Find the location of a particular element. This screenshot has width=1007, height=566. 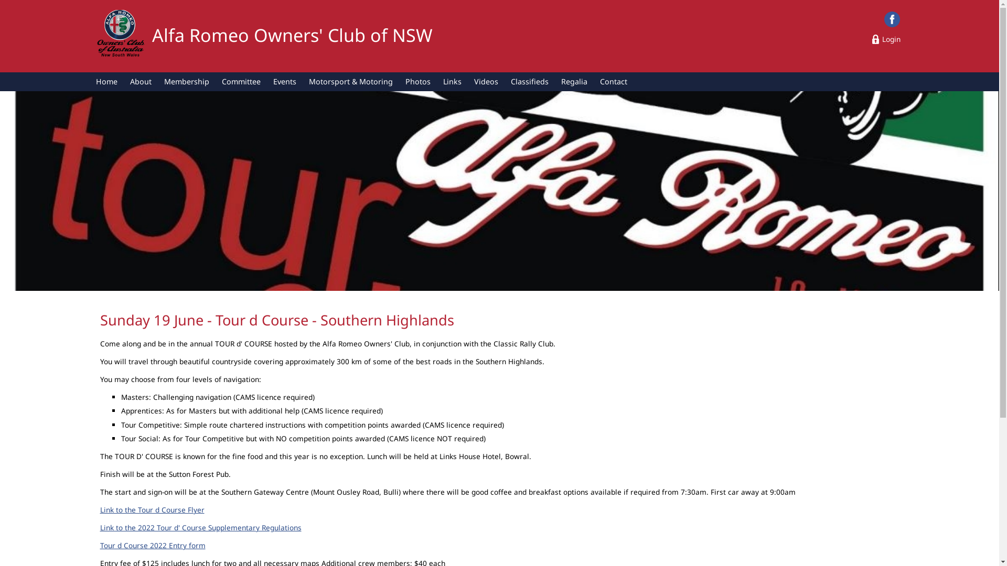

'Committee' is located at coordinates (241, 81).